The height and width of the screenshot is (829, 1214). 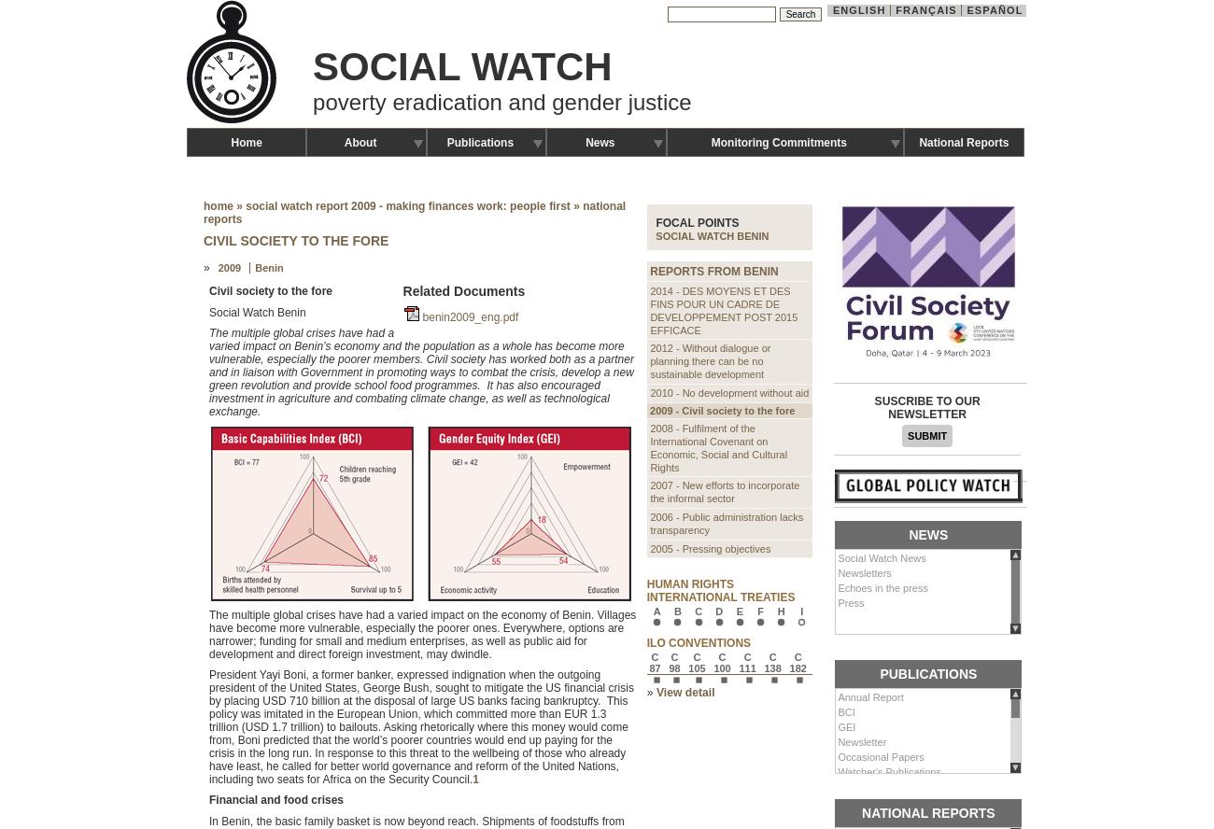 What do you see at coordinates (746, 662) in the screenshot?
I see `'C 111'` at bounding box center [746, 662].